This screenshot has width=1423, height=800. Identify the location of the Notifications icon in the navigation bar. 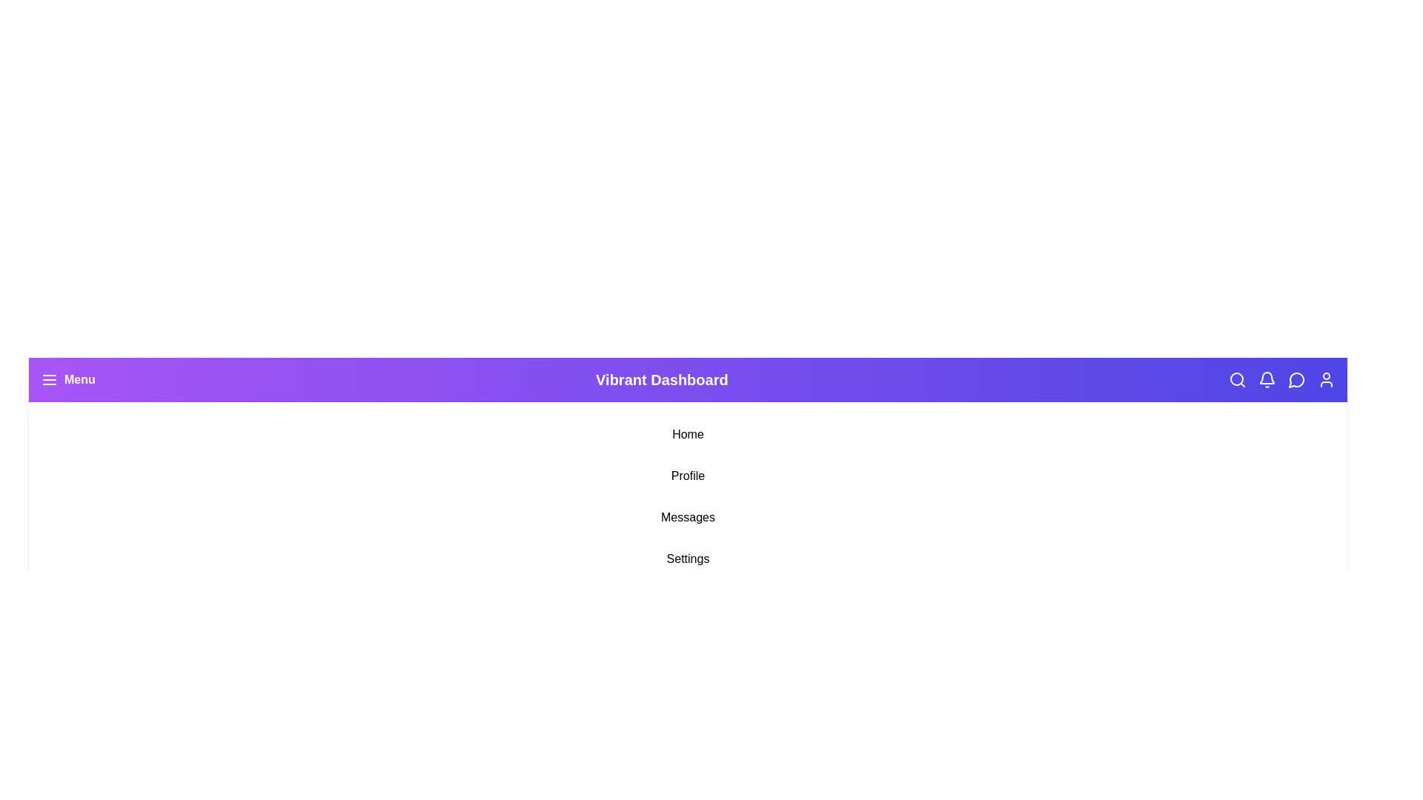
(1266, 379).